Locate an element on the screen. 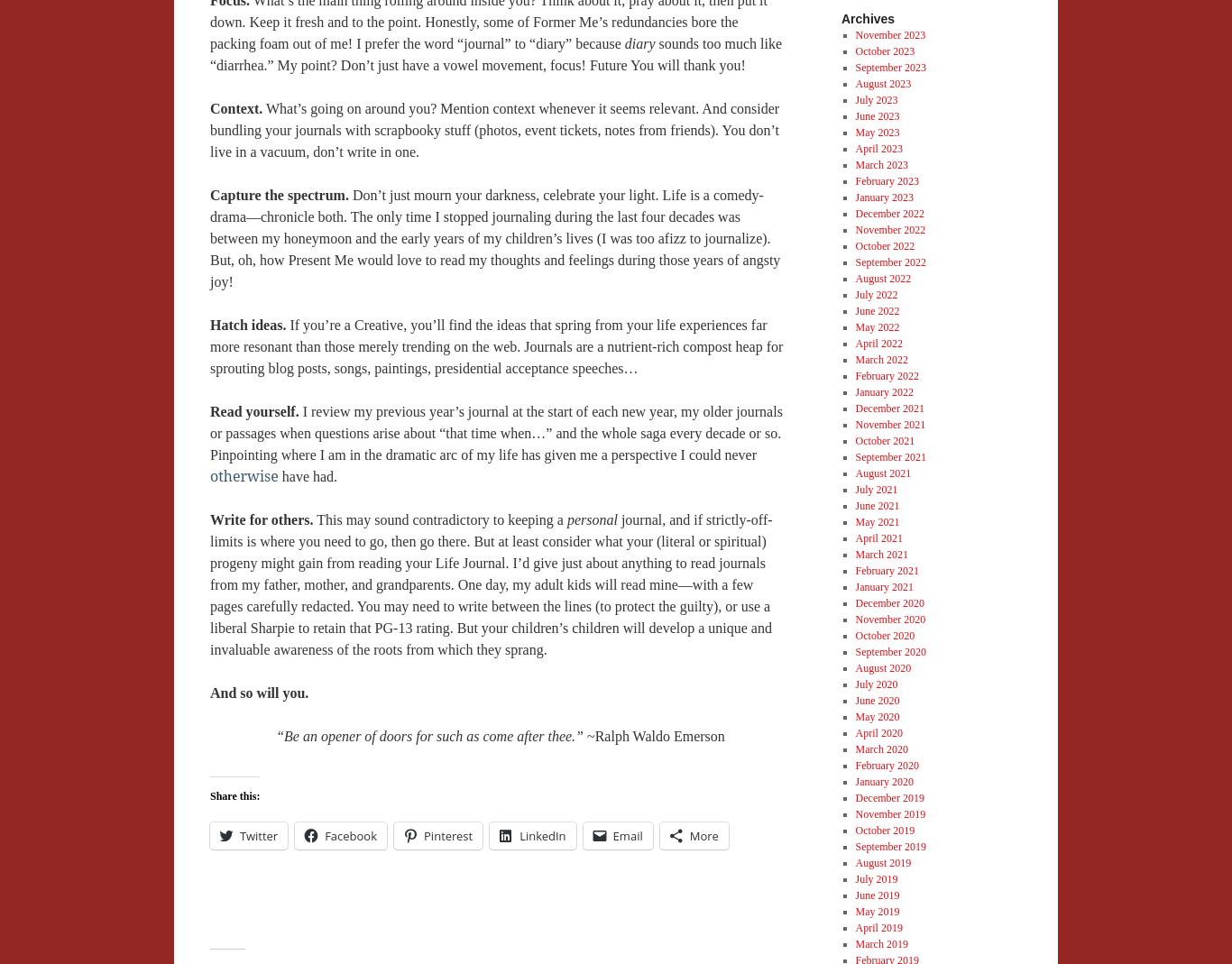  'May 2022' is located at coordinates (877, 326).